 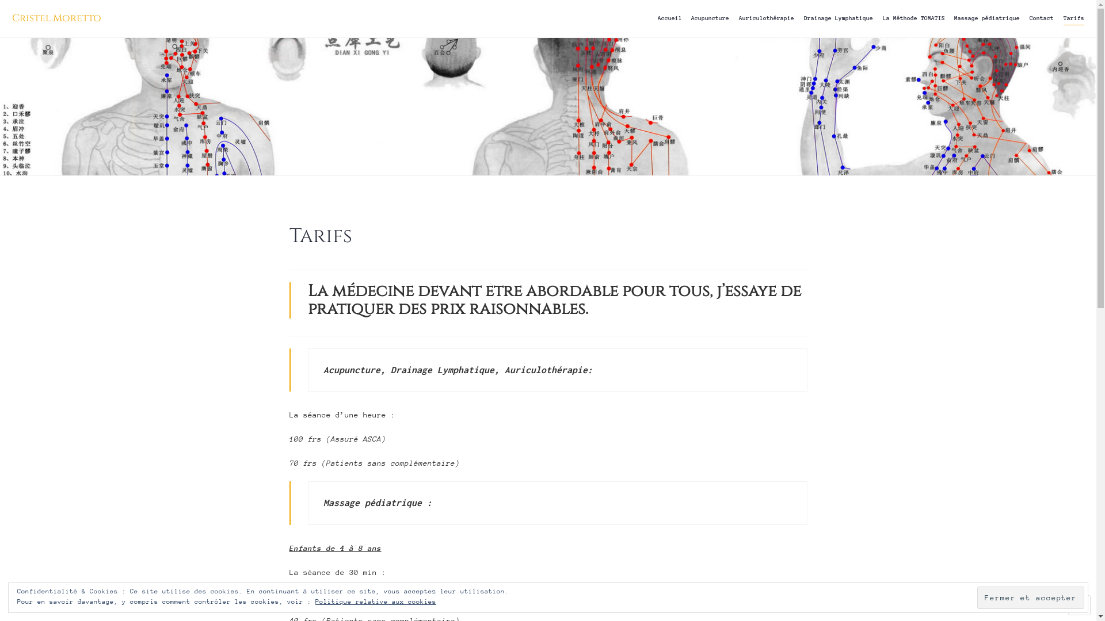 I want to click on 'Contact', so click(x=1041, y=18).